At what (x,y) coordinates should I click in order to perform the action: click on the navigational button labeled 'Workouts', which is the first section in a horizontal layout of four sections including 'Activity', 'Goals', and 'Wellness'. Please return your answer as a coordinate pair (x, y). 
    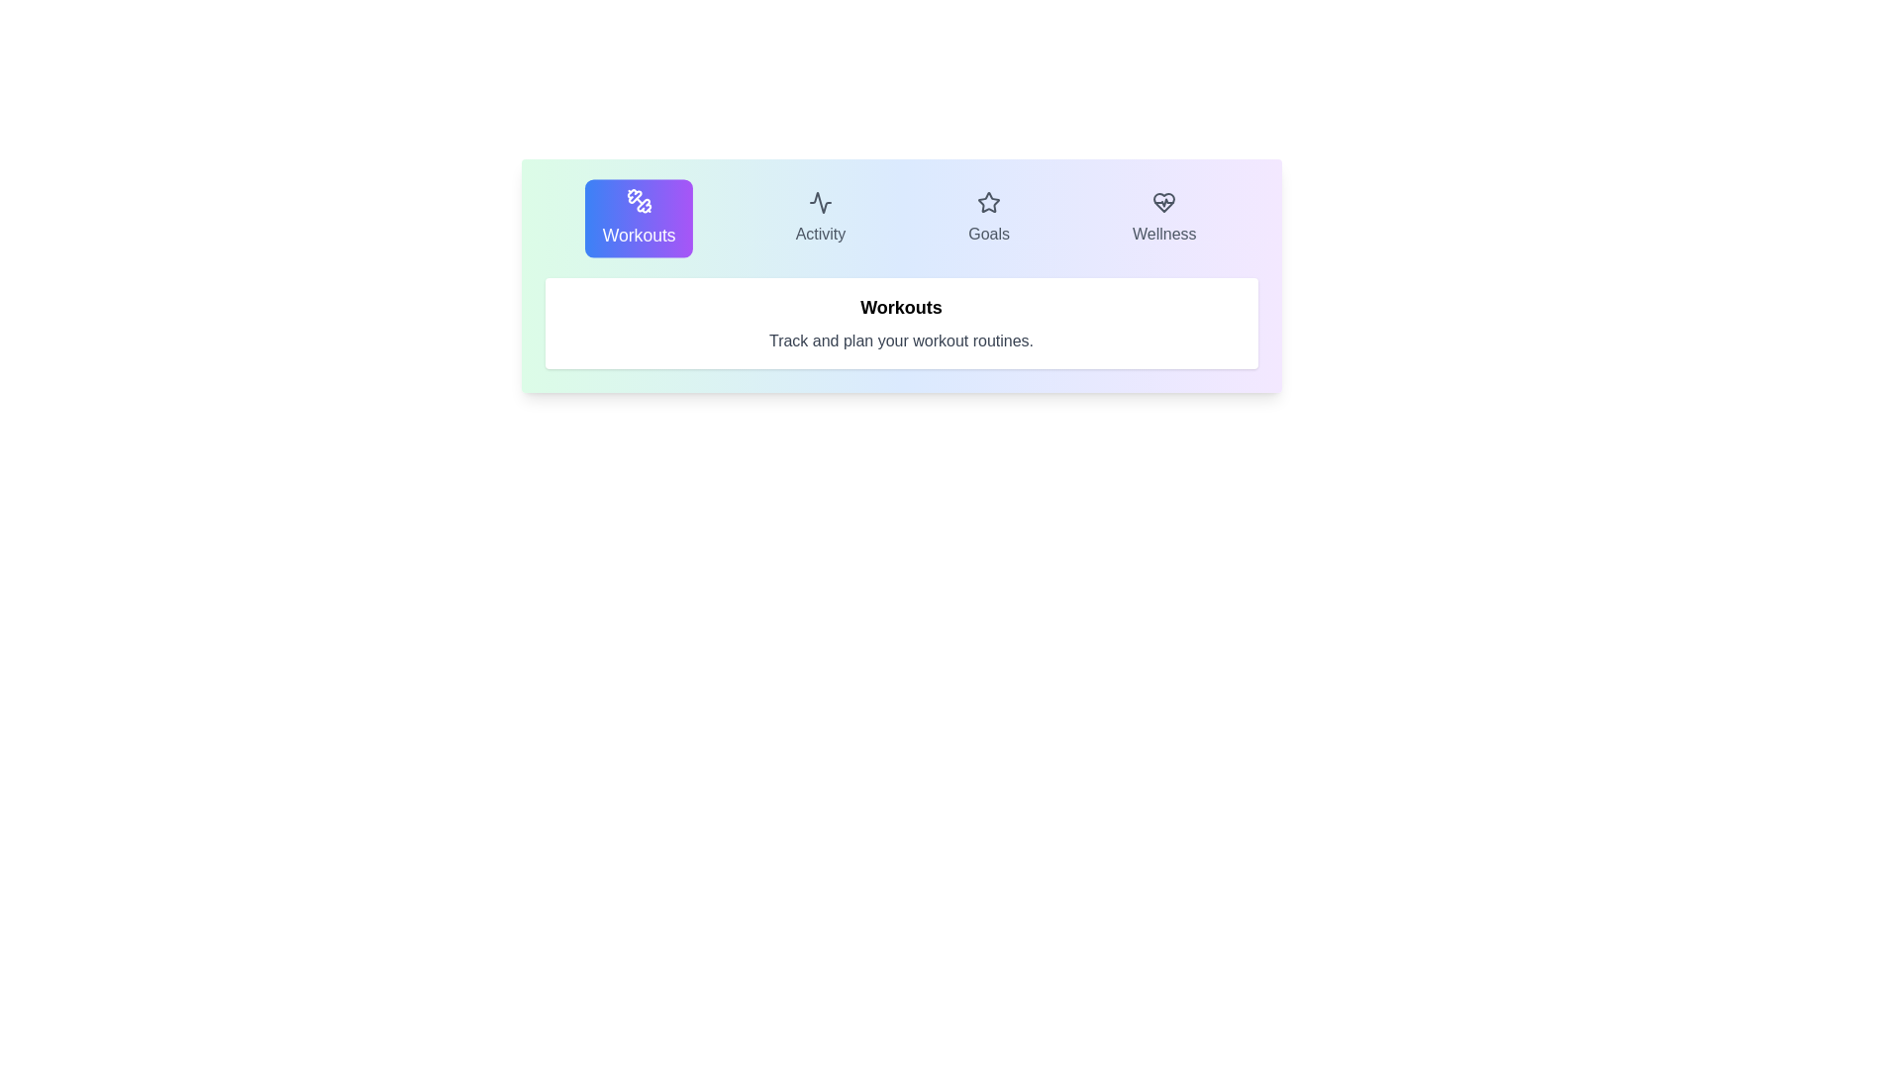
    Looking at the image, I should click on (640, 218).